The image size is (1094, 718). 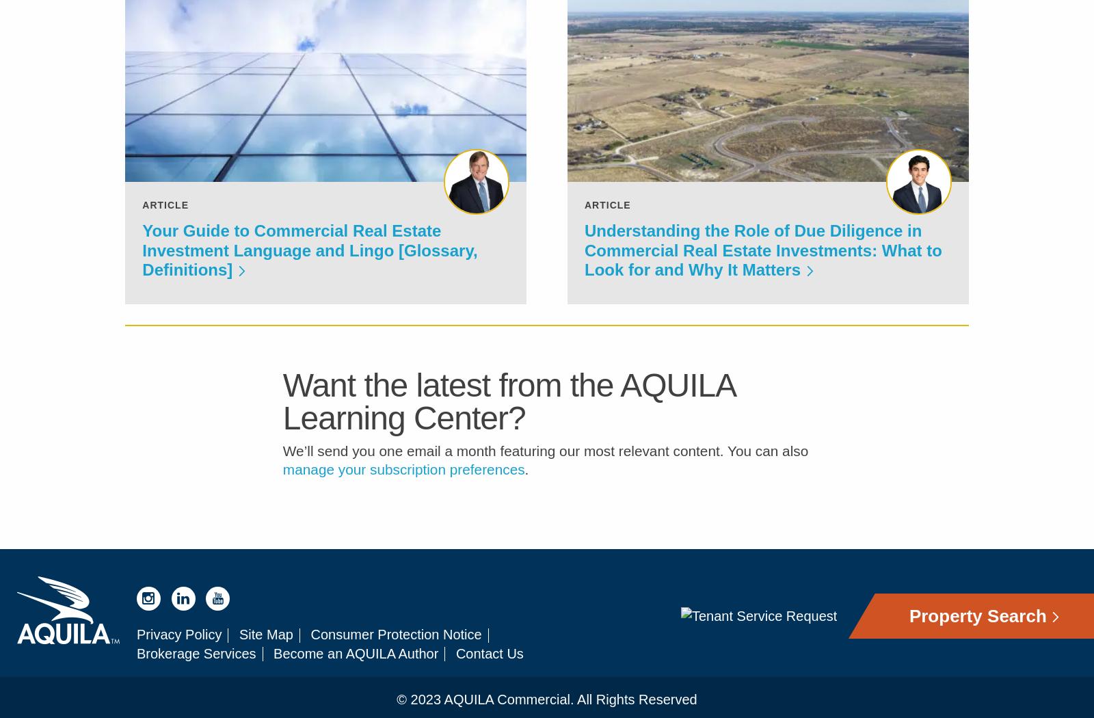 I want to click on 'manage your subscription preferences', so click(x=403, y=479).